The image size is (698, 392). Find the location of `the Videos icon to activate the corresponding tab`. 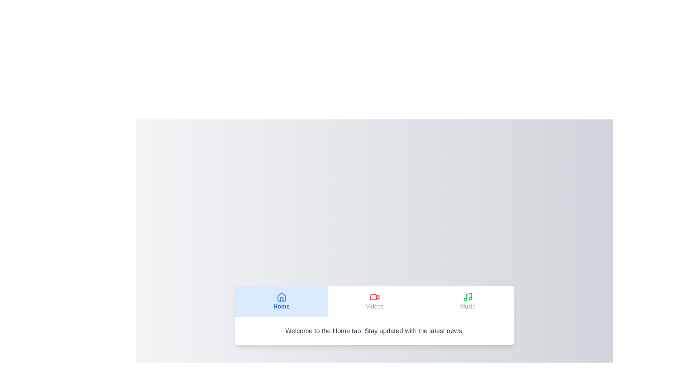

the Videos icon to activate the corresponding tab is located at coordinates (374, 297).